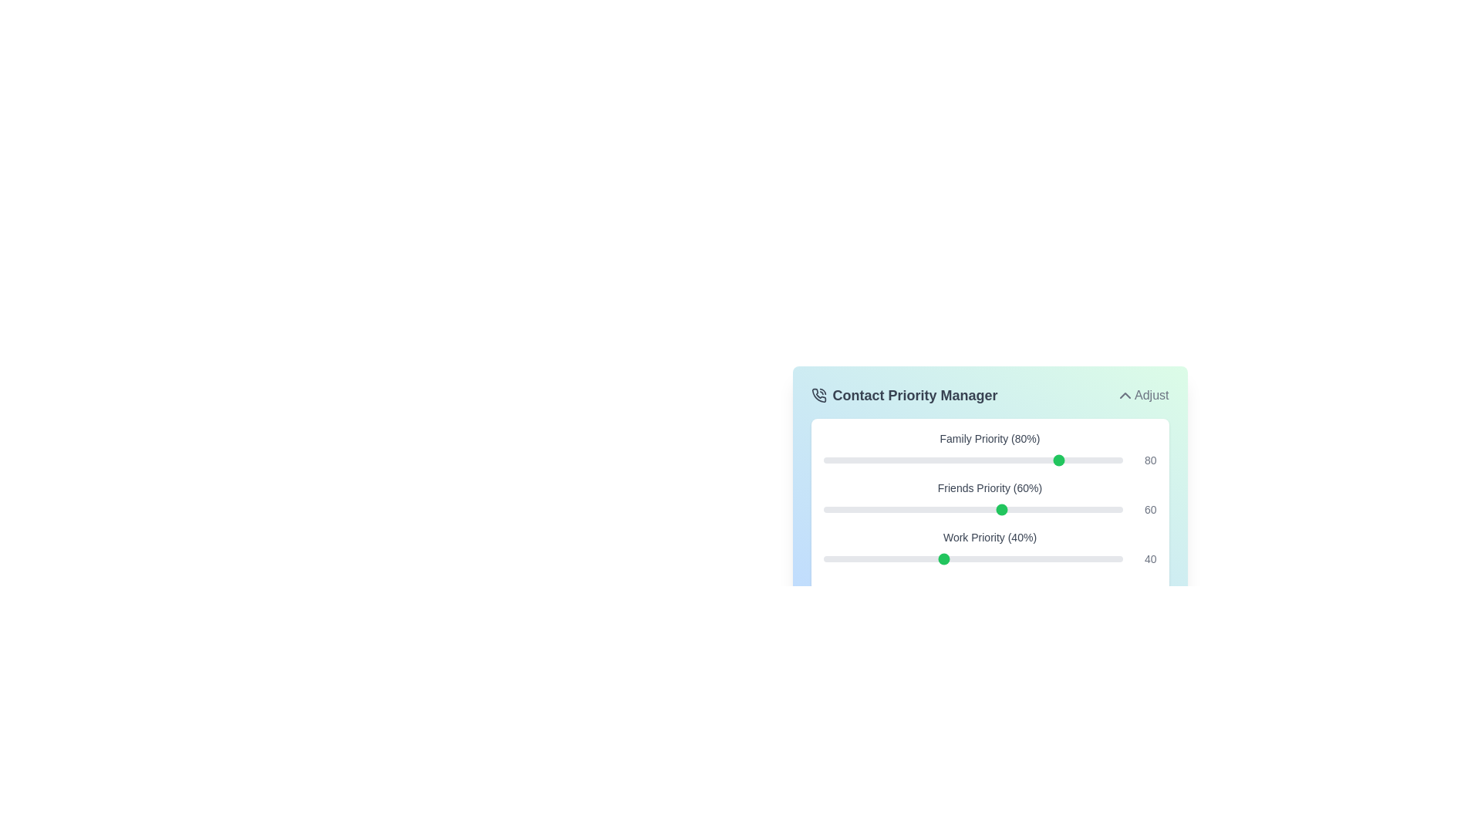  Describe the element at coordinates (871, 559) in the screenshot. I see `the 'Work' priority slider to 16%` at that location.